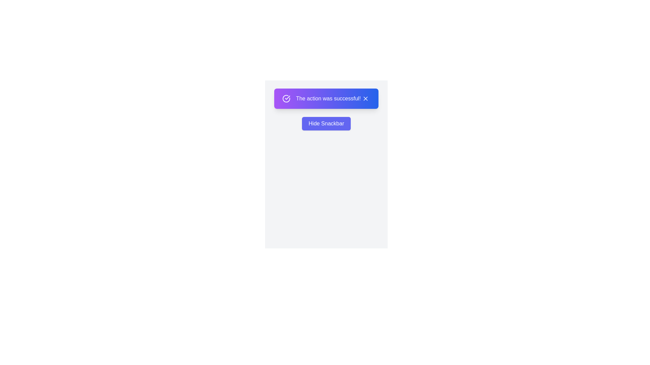  What do you see at coordinates (286, 99) in the screenshot?
I see `the snackbar's icon to perform the intended interaction` at bounding box center [286, 99].